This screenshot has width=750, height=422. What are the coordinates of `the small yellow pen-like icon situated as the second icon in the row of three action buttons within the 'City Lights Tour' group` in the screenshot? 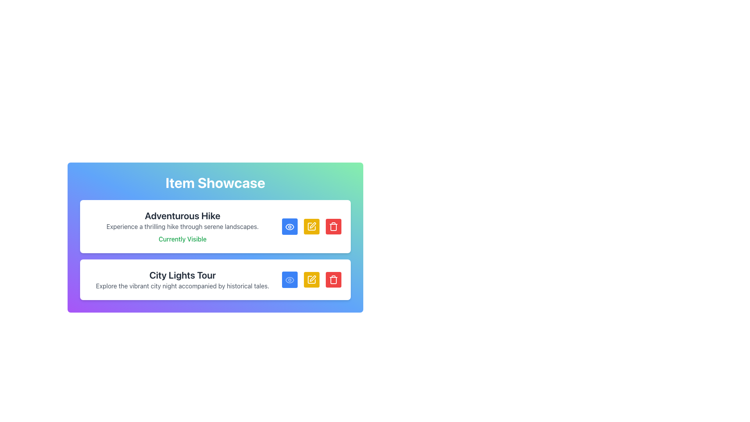 It's located at (311, 279).